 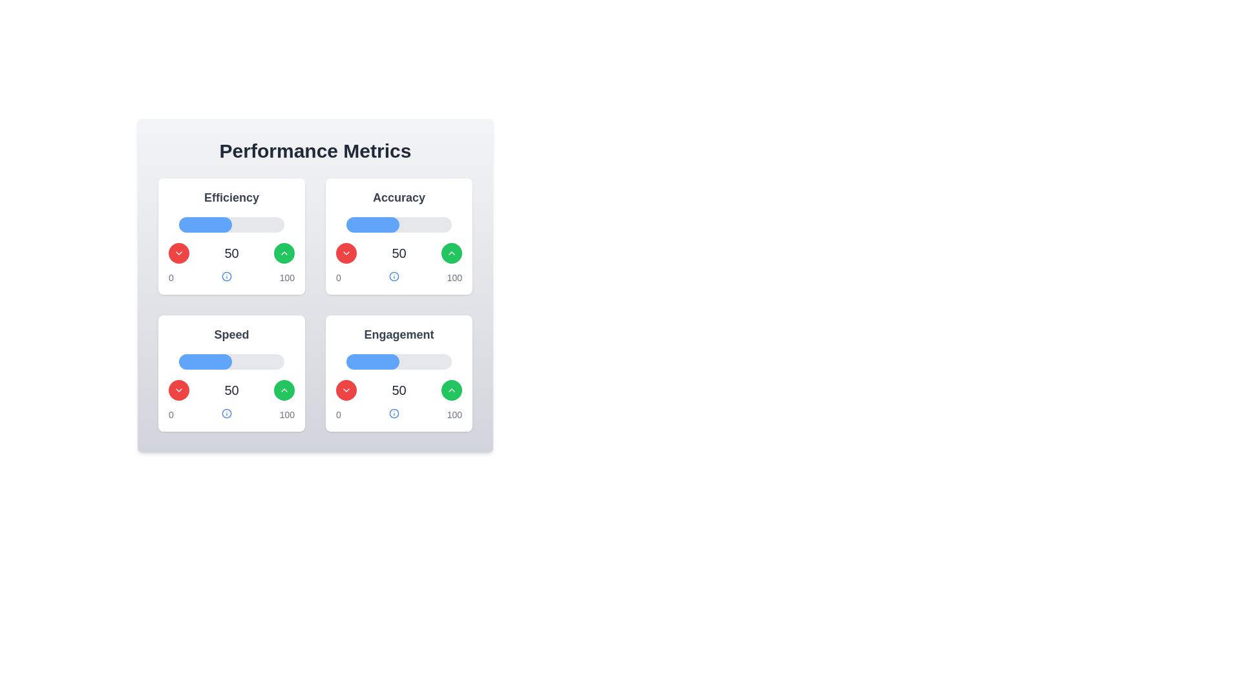 What do you see at coordinates (454, 414) in the screenshot?
I see `text displayed in the rightmost text label indicating the maximum value for the 'Engagement' metric, located in the lower section of the 'Engagement' metrics card` at bounding box center [454, 414].